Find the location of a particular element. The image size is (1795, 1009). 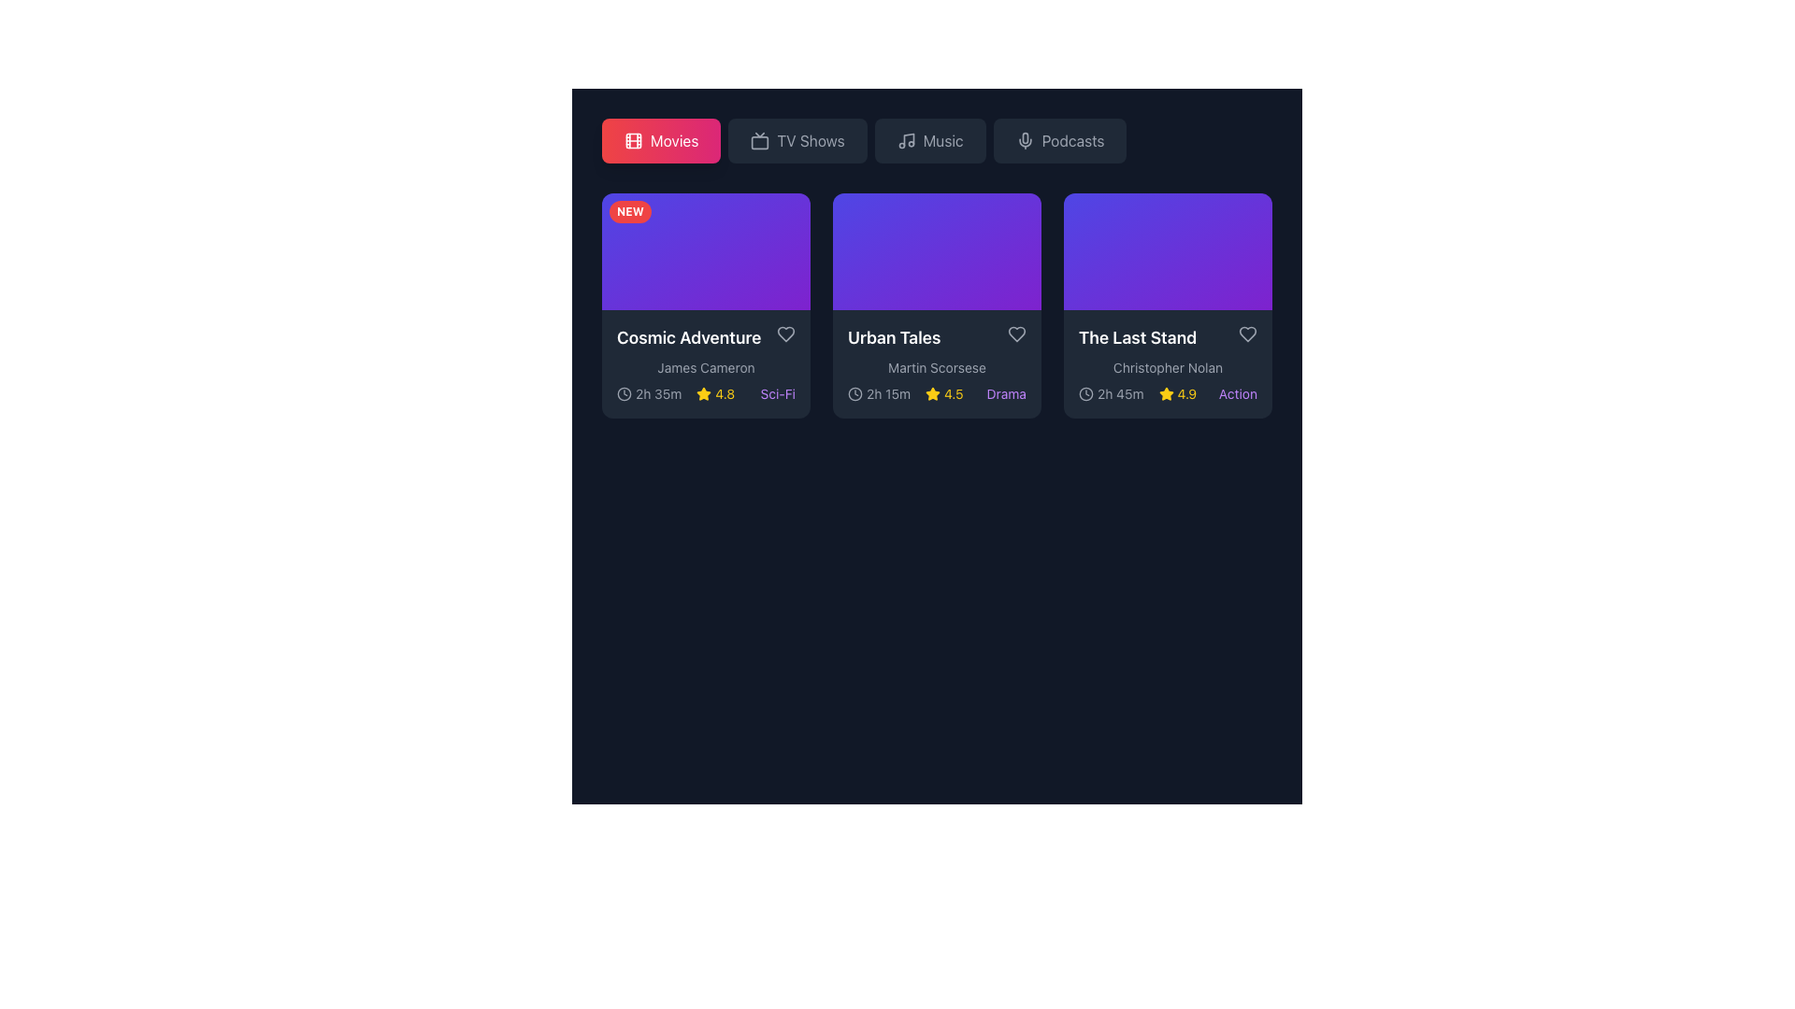

the vertical line of the musical note icon within the 'Music' tab in the upper navigation bar by performing a placeholder action for SVG interactions is located at coordinates (909, 138).